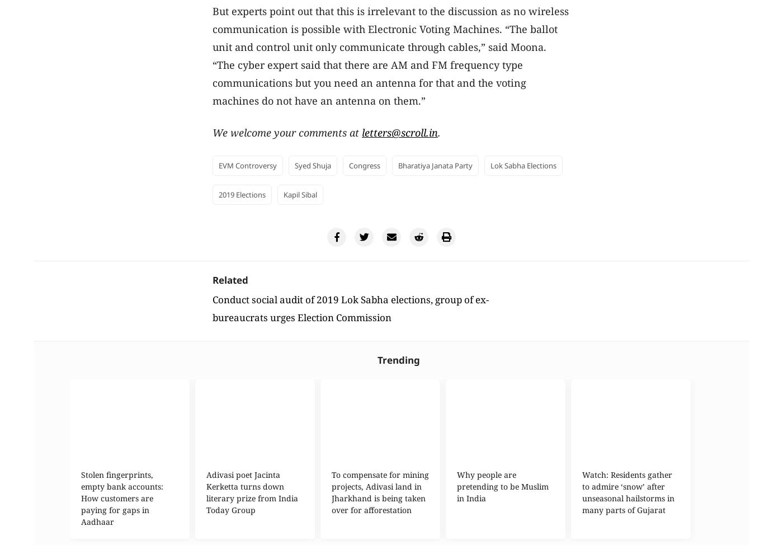 The height and width of the screenshot is (545, 783). Describe the element at coordinates (212, 280) in the screenshot. I see `'Related'` at that location.